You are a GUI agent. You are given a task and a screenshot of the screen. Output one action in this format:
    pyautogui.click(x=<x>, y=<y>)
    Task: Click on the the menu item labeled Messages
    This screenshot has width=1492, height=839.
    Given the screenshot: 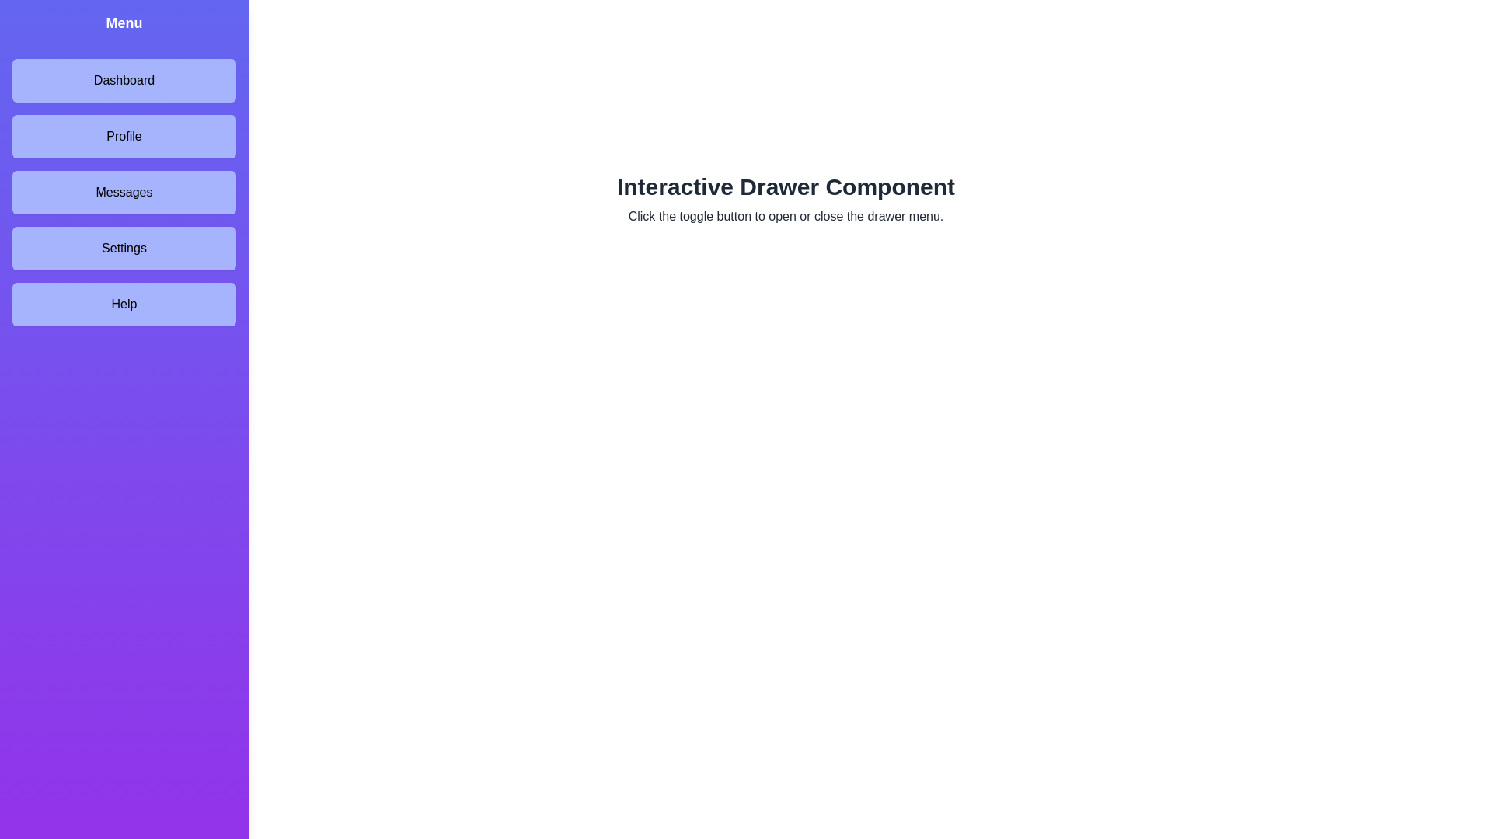 What is the action you would take?
    pyautogui.click(x=123, y=191)
    